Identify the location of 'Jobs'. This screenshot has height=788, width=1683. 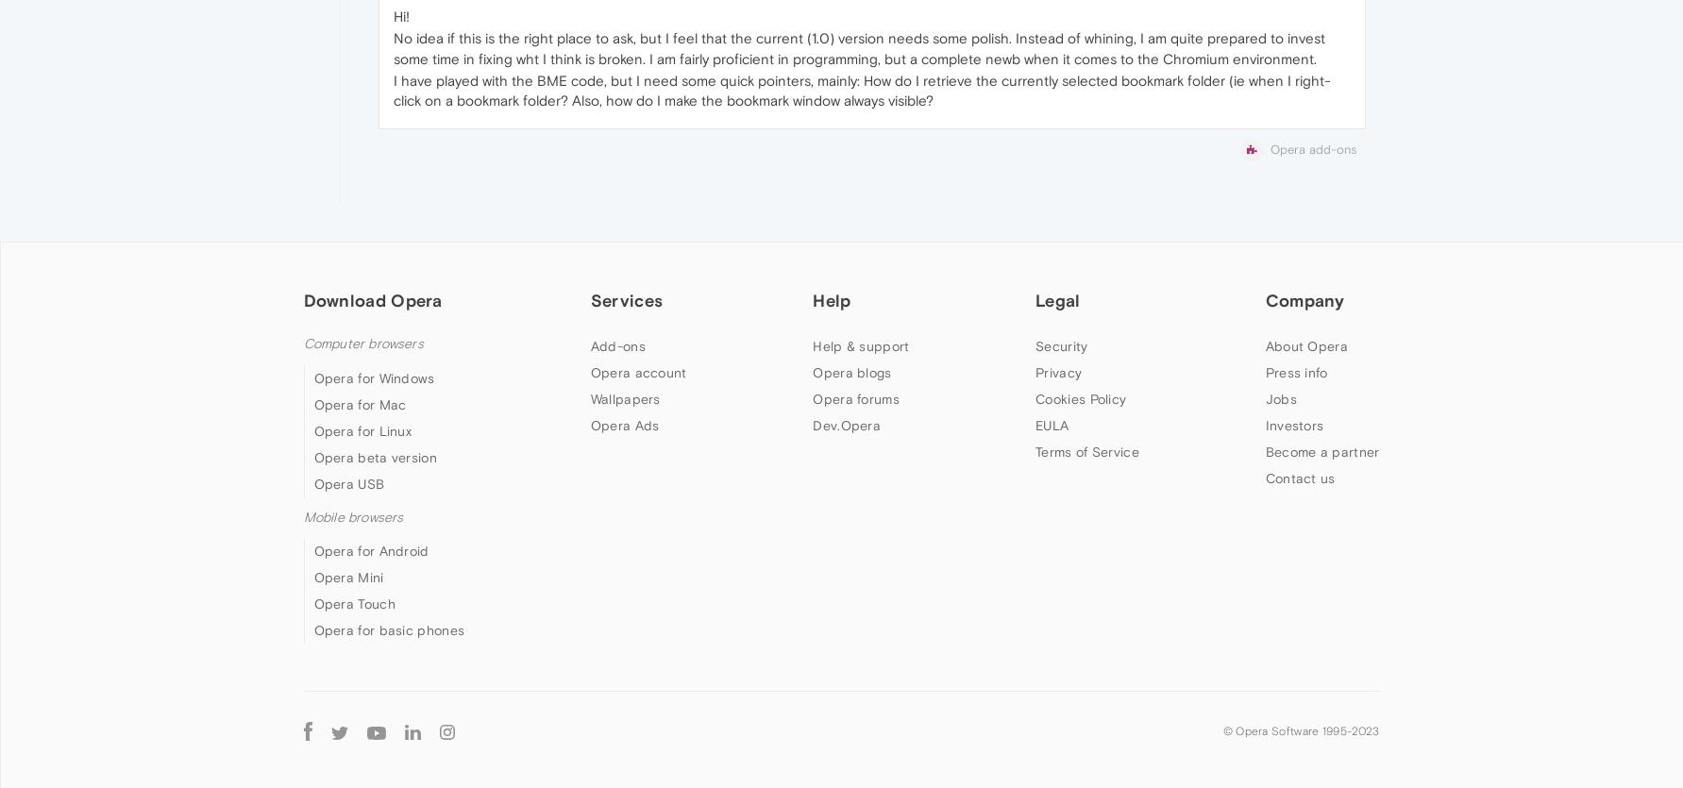
(1279, 398).